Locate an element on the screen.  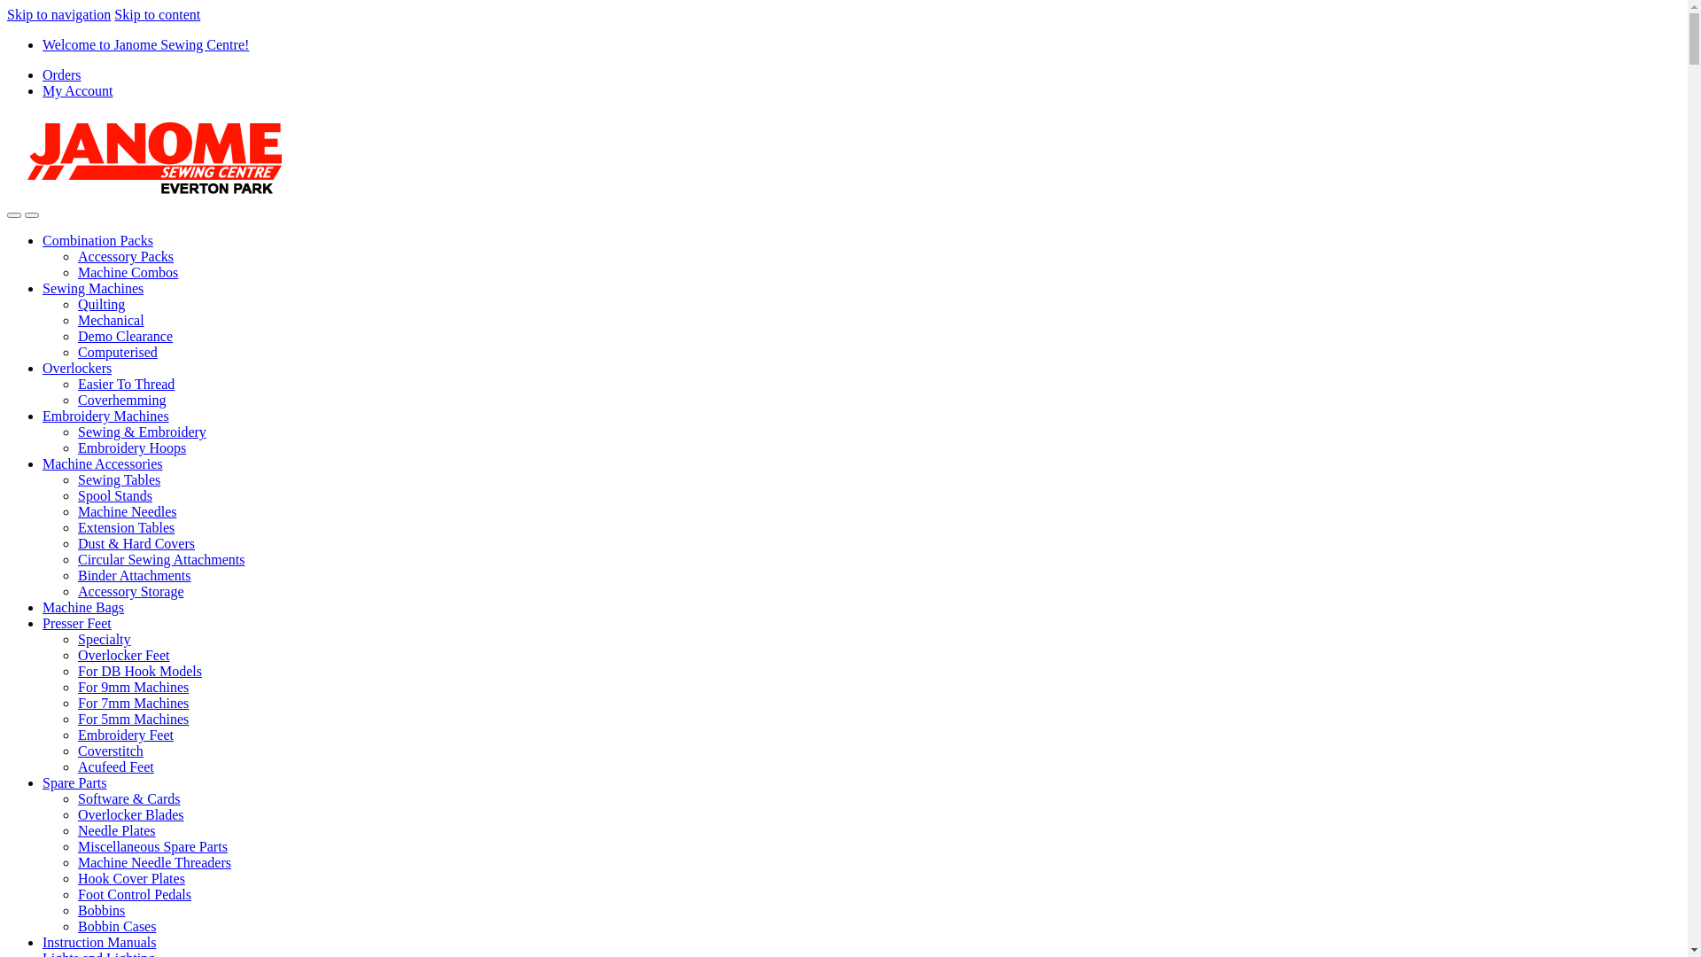
'Software & Cards' is located at coordinates (128, 798).